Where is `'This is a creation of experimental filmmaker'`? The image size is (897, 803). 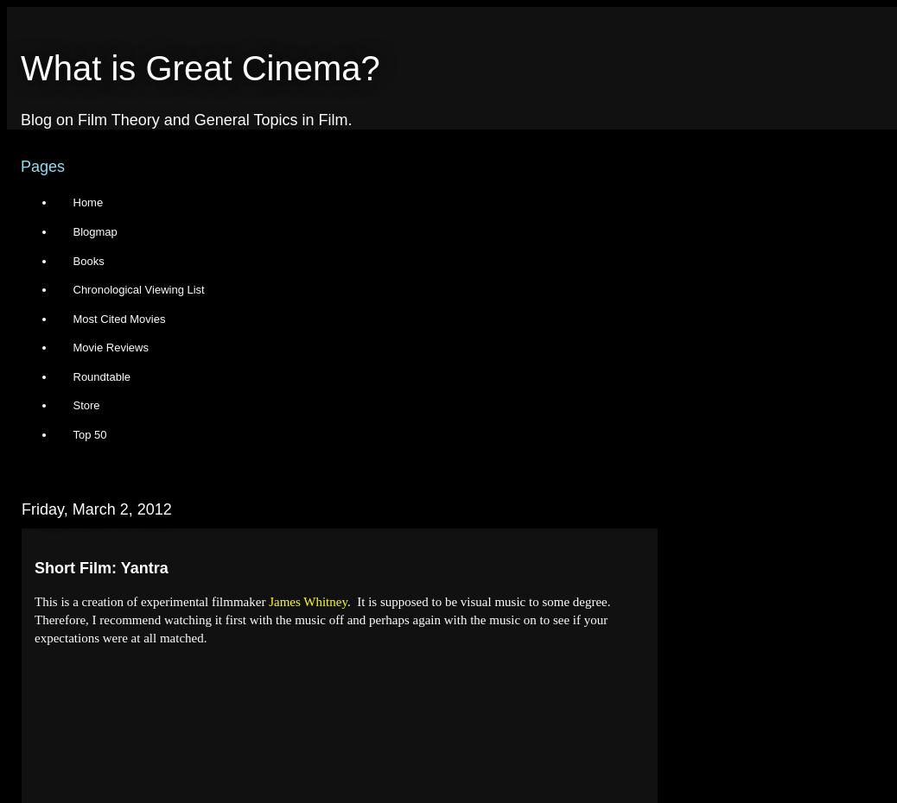
'This is a creation of experimental filmmaker' is located at coordinates (150, 600).